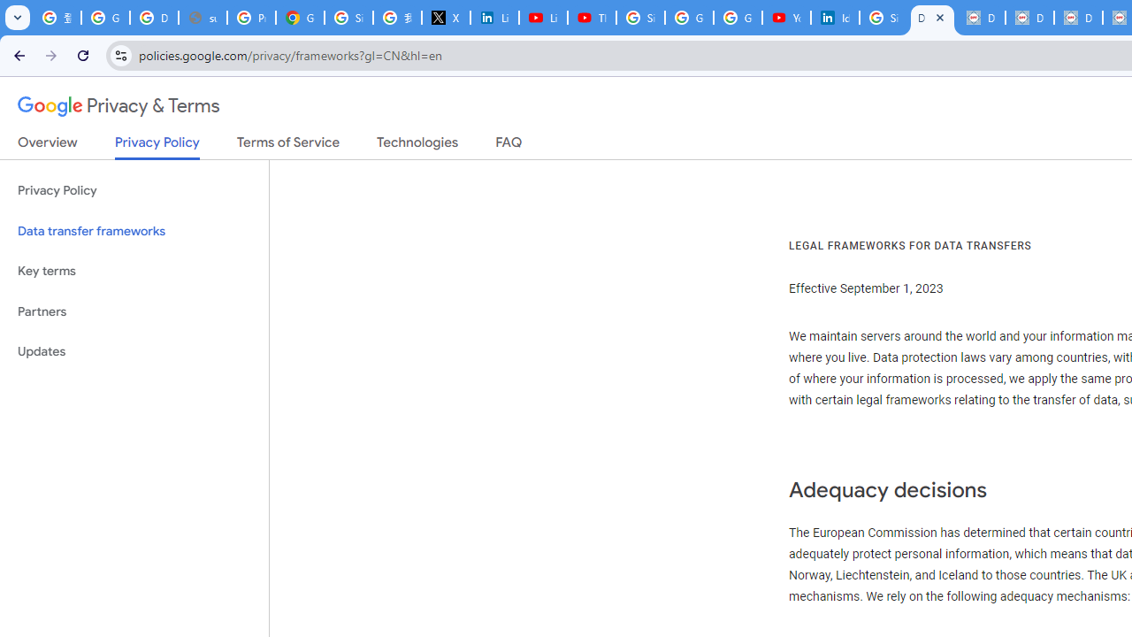  What do you see at coordinates (203, 18) in the screenshot?
I see `'support.google.com - Network error'` at bounding box center [203, 18].